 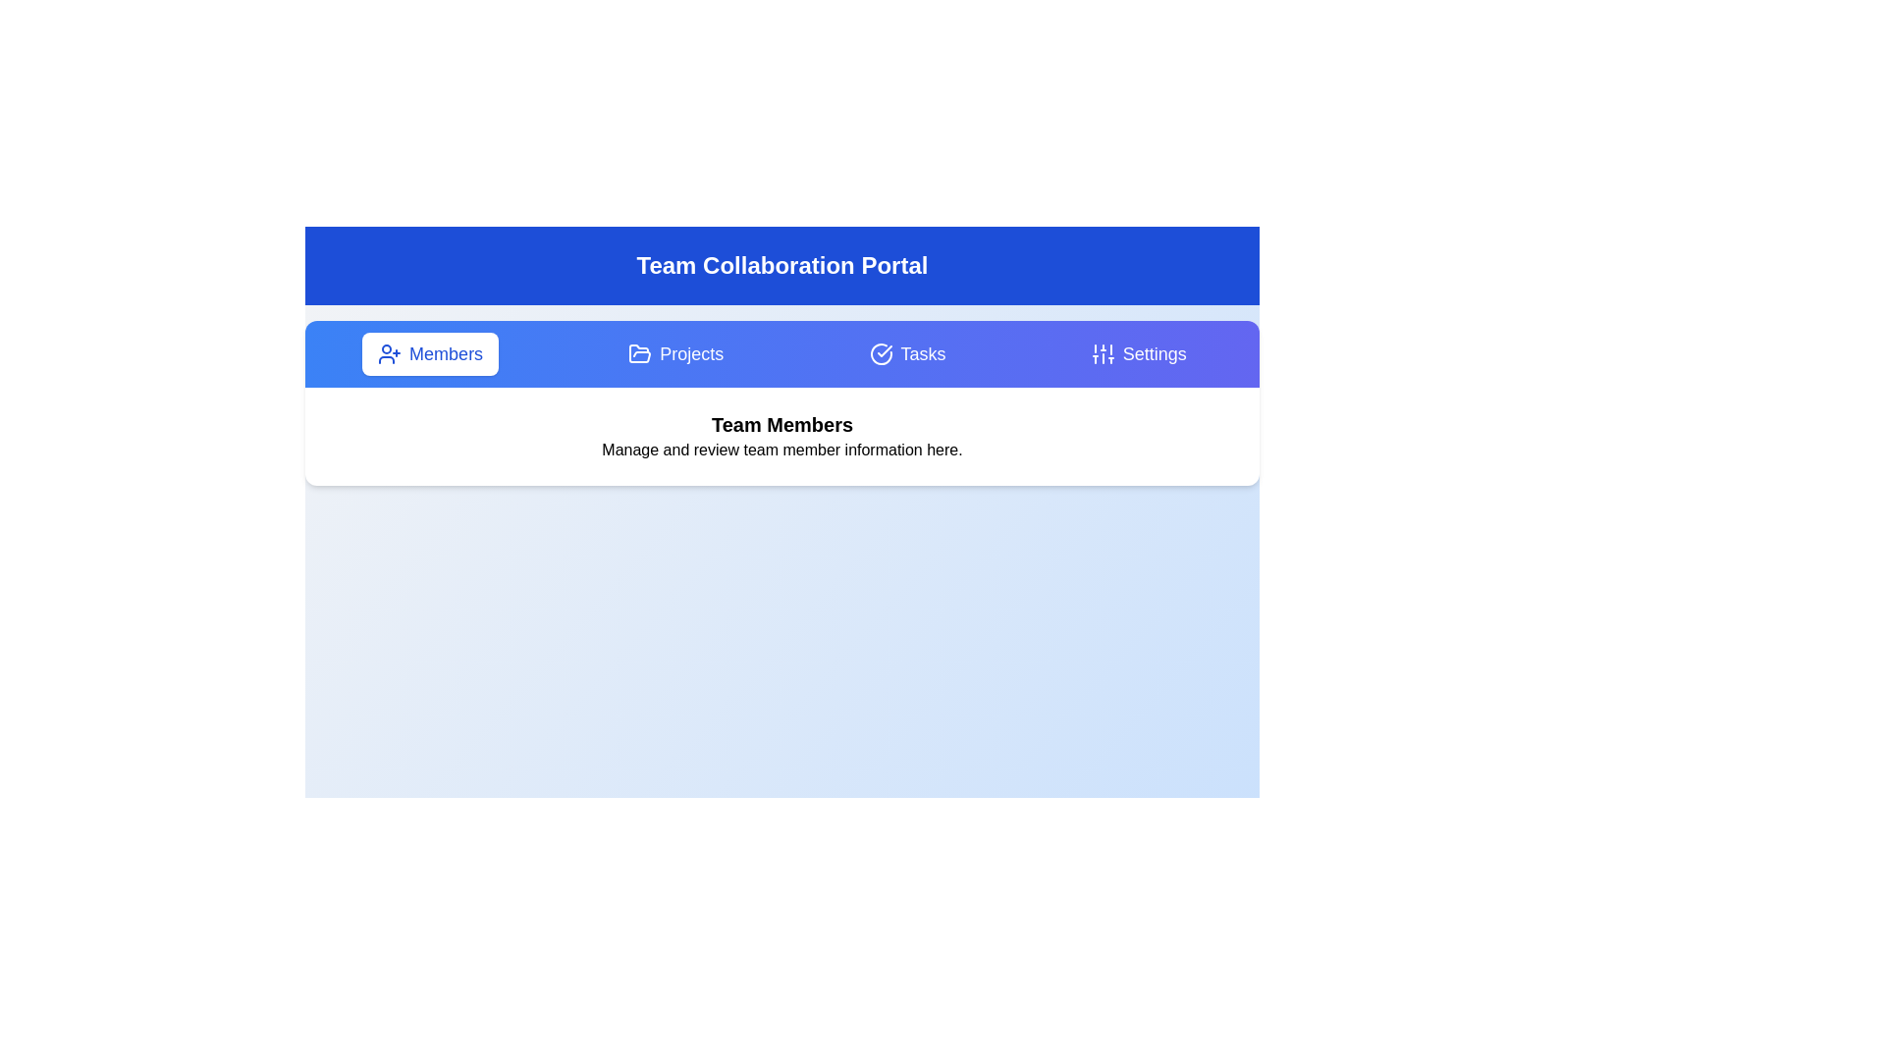 What do you see at coordinates (781, 450) in the screenshot?
I see `the static text label that displays 'Manage and review team member information here.', located directly below the 'Team Members' heading` at bounding box center [781, 450].